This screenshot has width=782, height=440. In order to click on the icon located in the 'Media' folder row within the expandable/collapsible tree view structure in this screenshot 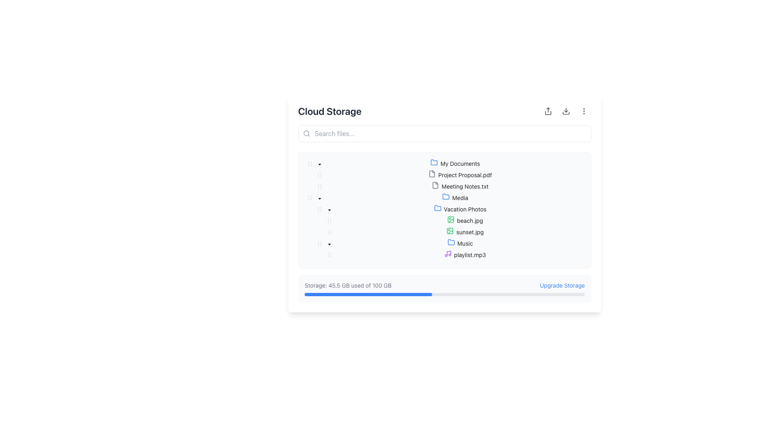, I will do `click(319, 209)`.